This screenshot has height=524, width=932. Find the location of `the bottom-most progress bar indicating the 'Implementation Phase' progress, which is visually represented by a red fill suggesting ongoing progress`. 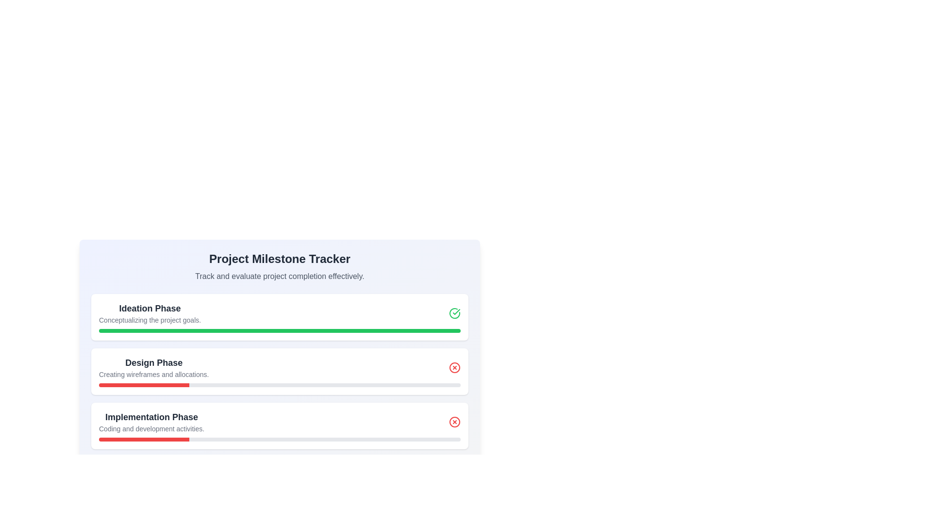

the bottom-most progress bar indicating the 'Implementation Phase' progress, which is visually represented by a red fill suggesting ongoing progress is located at coordinates (279, 440).